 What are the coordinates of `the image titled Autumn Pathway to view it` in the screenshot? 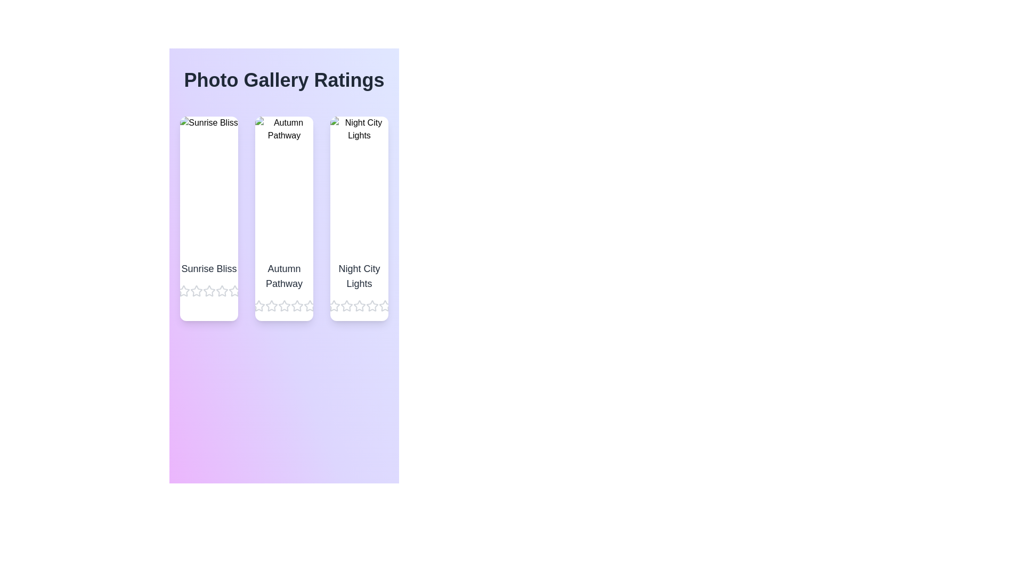 It's located at (284, 184).